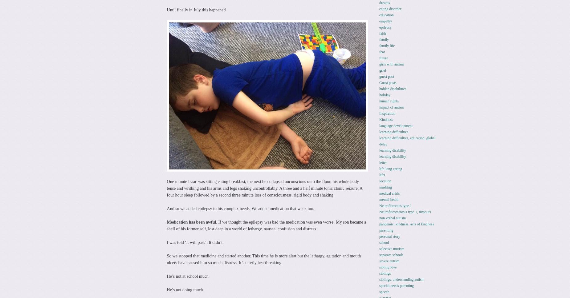 This screenshot has height=298, width=570. I want to click on 'letter', so click(379, 162).